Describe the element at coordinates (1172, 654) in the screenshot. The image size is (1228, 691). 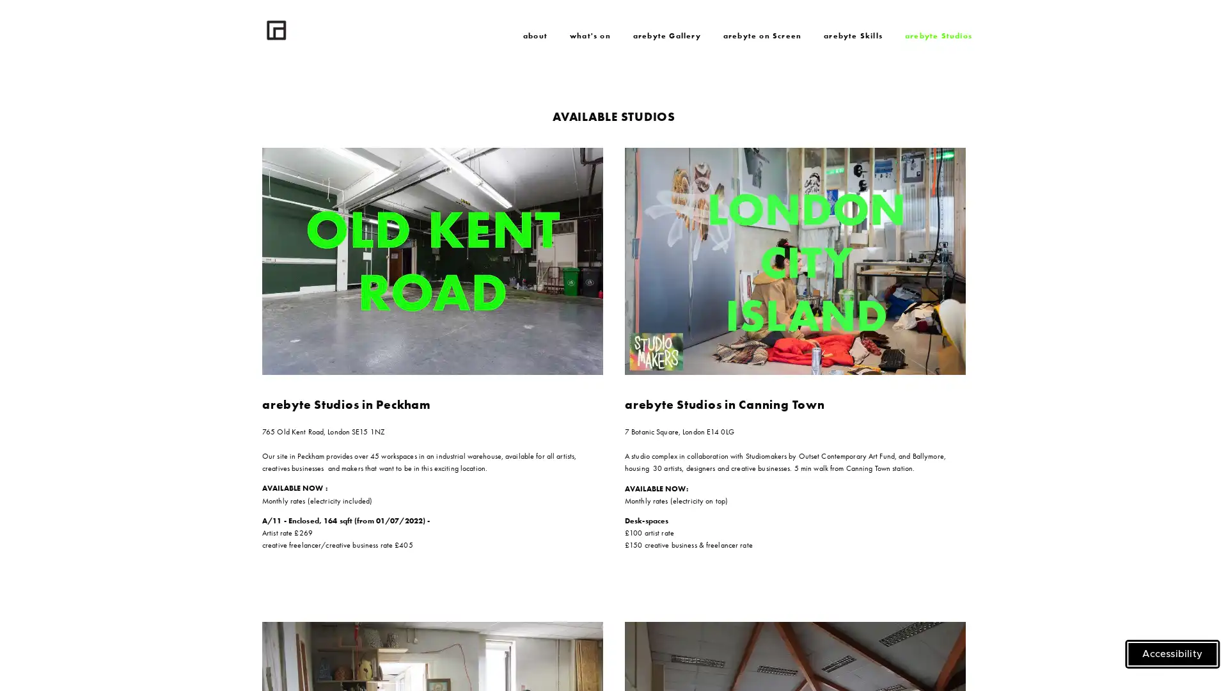
I see `Accessibility Menu` at that location.